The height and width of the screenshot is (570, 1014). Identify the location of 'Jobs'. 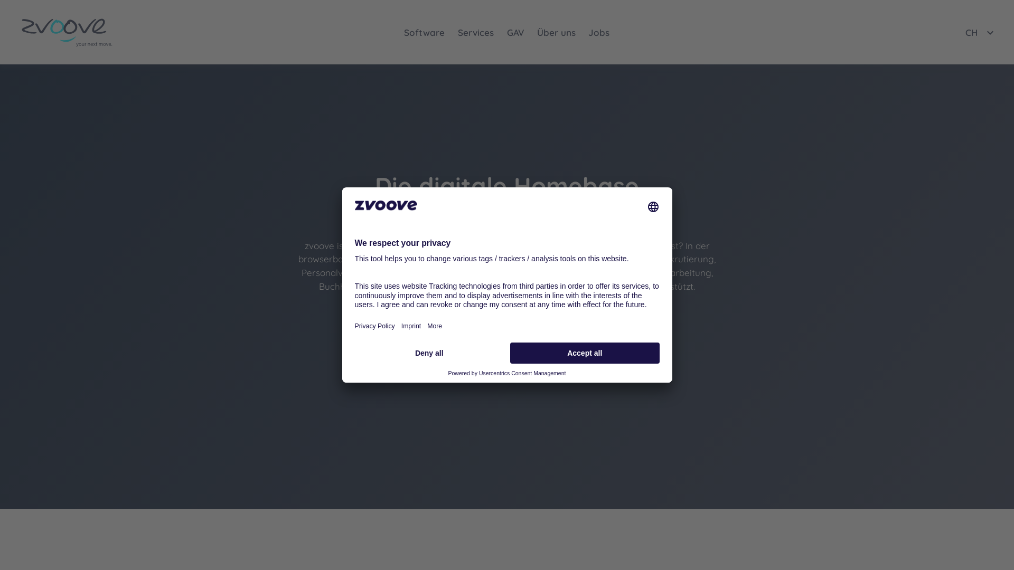
(599, 32).